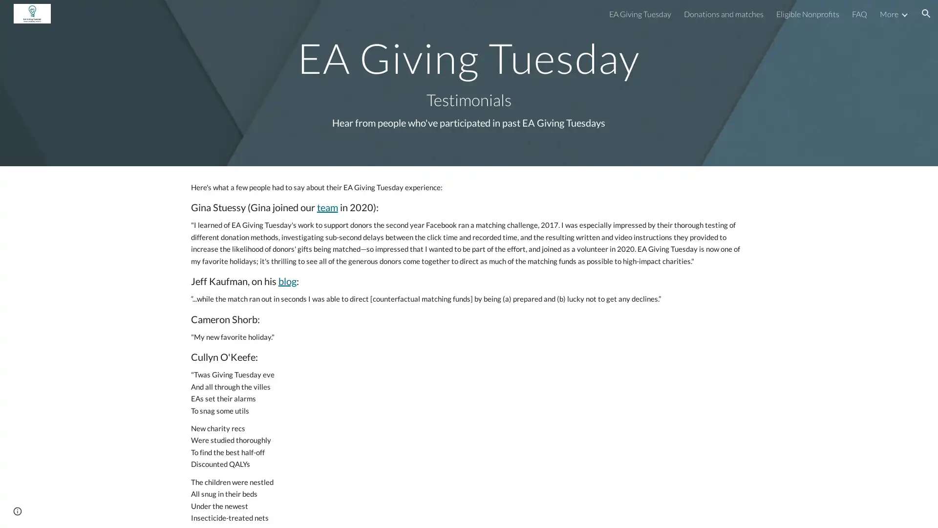 The height and width of the screenshot is (528, 938). I want to click on Skip to navigation, so click(556, 18).